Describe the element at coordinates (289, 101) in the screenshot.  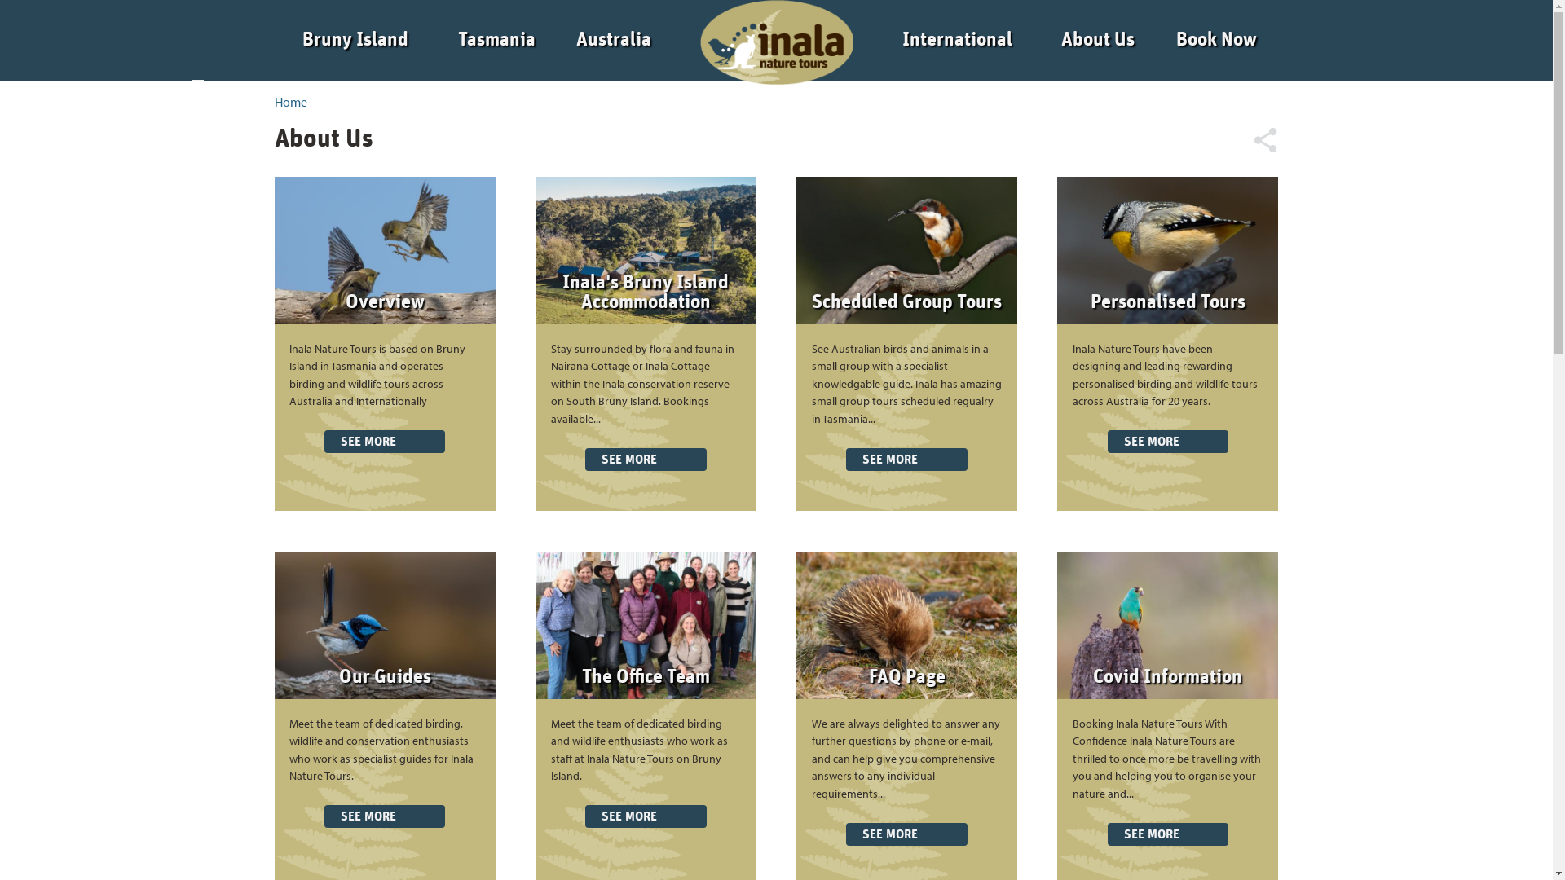
I see `'Home'` at that location.